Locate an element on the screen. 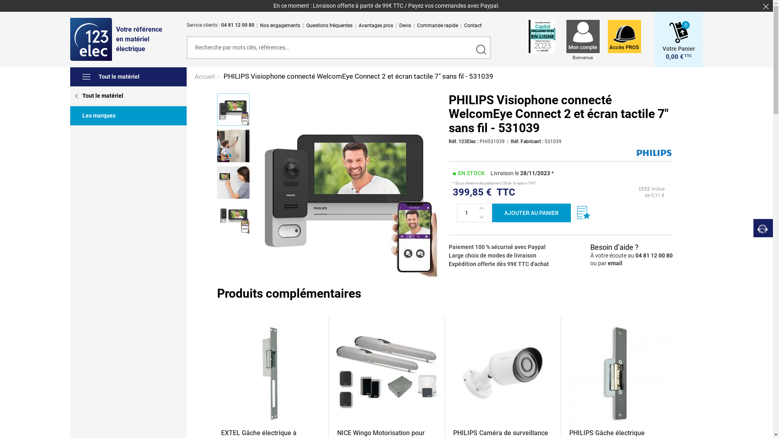  'Avantages pros' is located at coordinates (375, 25).